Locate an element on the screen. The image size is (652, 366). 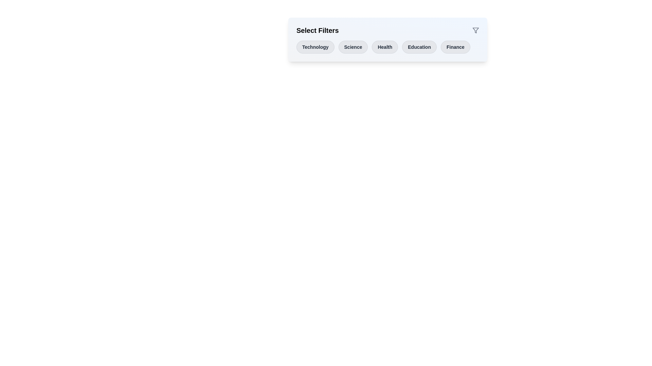
the button labeled Technology to observe its hover effect is located at coordinates (315, 46).